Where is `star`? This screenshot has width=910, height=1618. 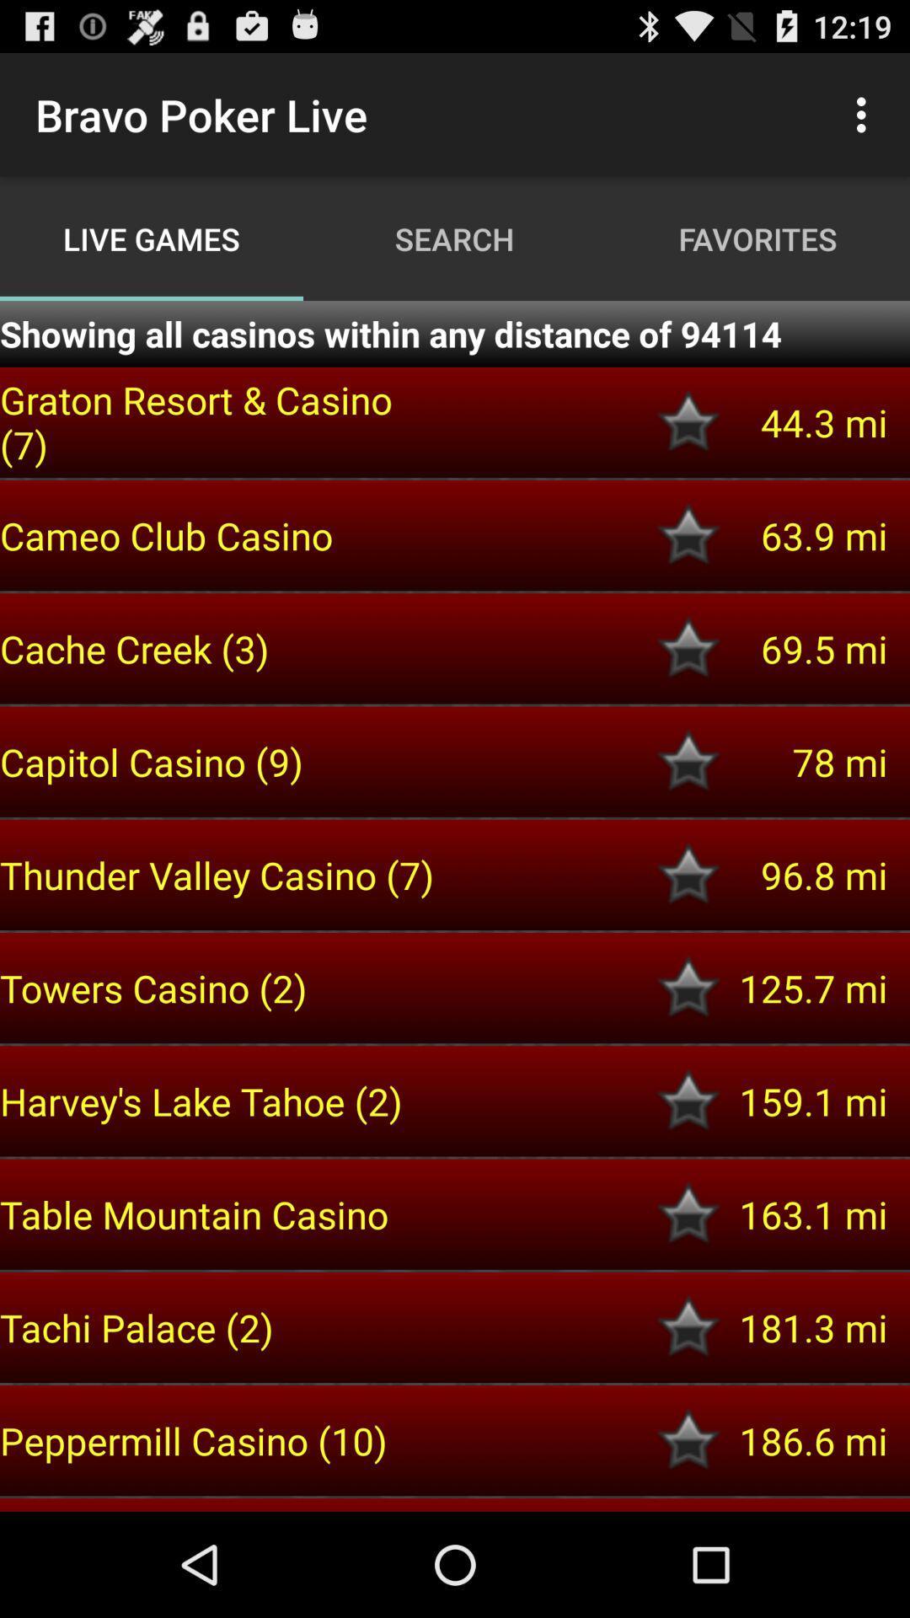 star is located at coordinates (688, 988).